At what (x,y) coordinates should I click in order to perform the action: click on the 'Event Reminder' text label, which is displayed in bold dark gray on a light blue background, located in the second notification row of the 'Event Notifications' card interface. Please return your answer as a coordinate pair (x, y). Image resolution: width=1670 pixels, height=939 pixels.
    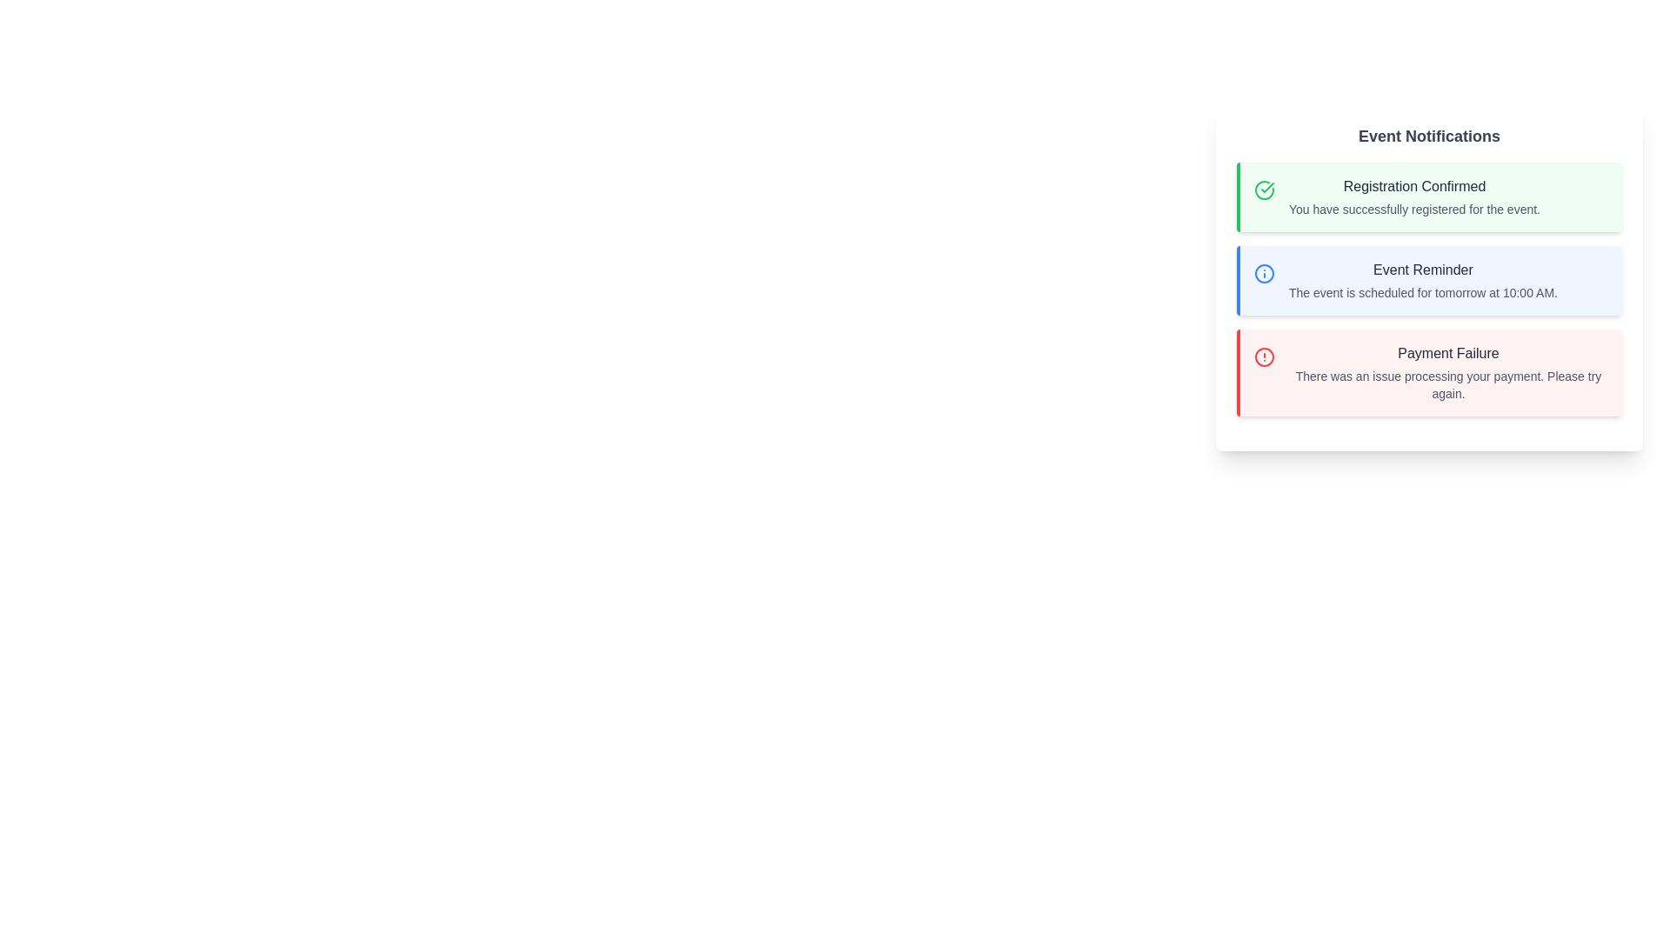
    Looking at the image, I should click on (1423, 270).